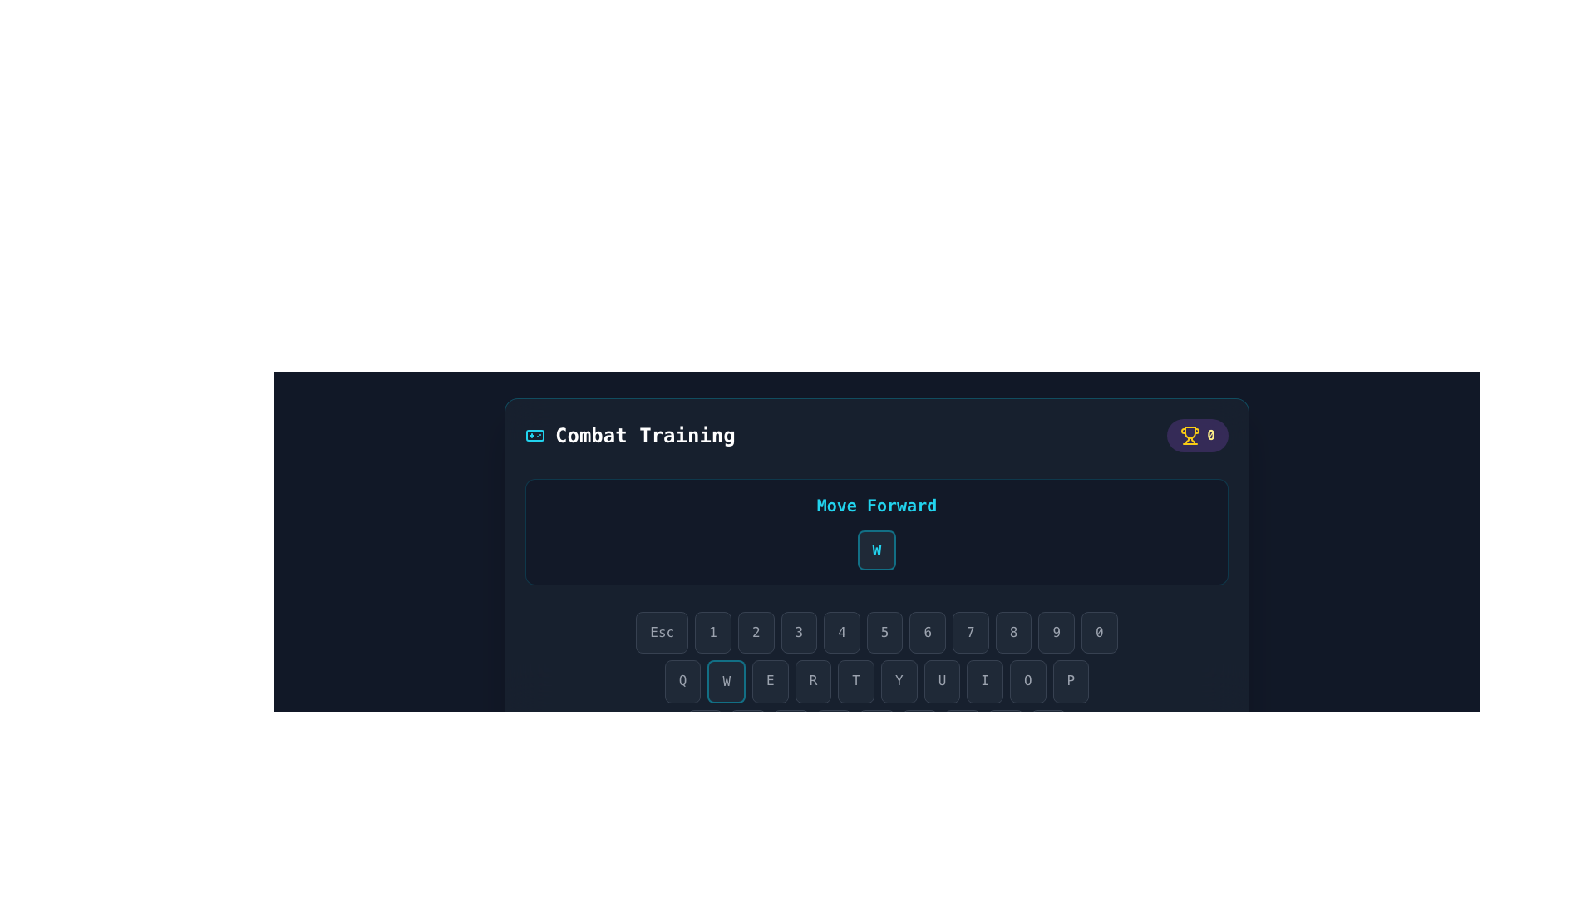  I want to click on the gold-colored graphical representation within the trophy badge located in the top-right corner of the interface, so click(1190, 432).